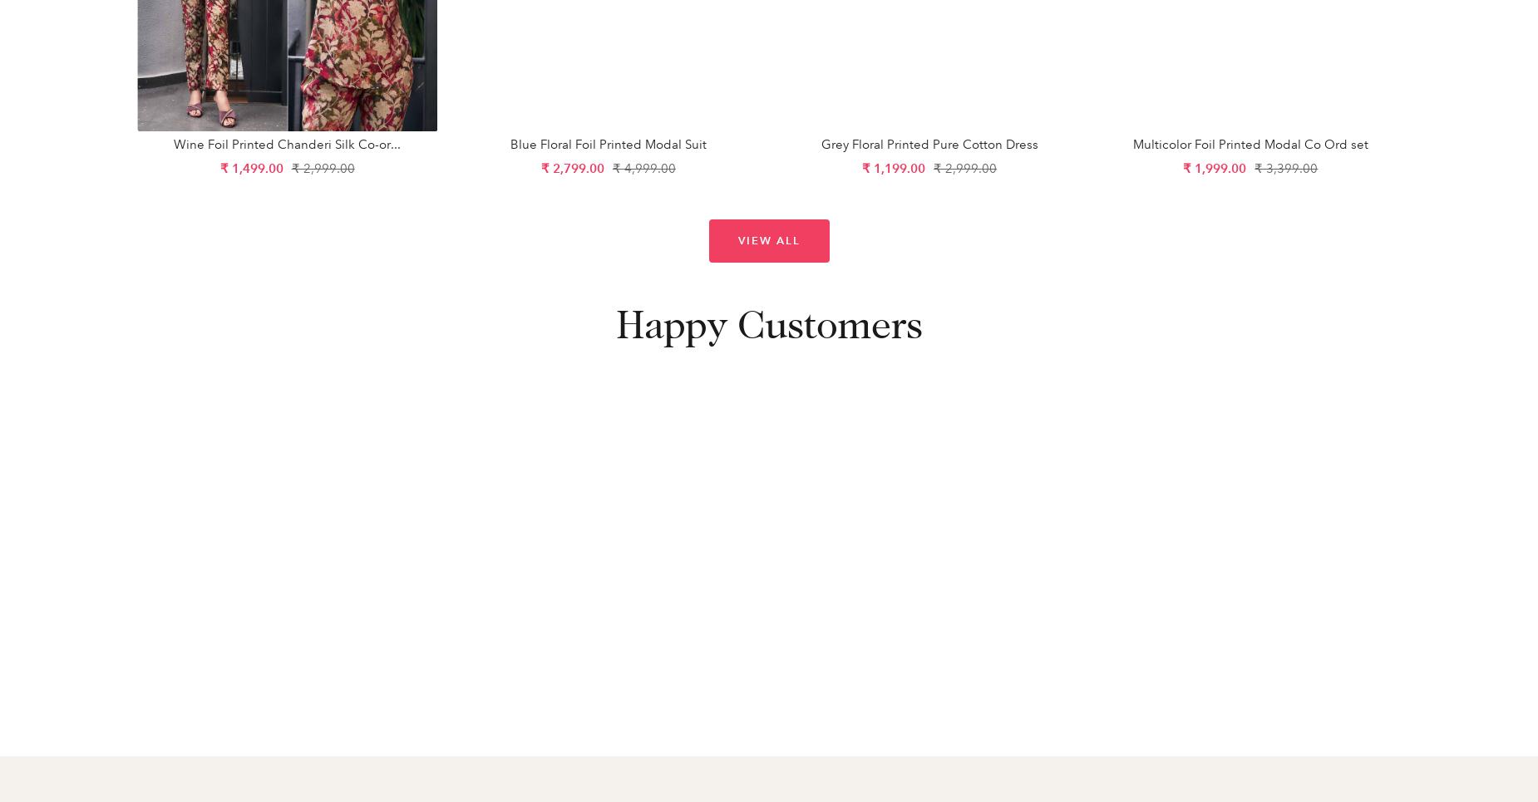 The width and height of the screenshot is (1538, 802). Describe the element at coordinates (286, 143) in the screenshot. I see `'Wine Foil Printed Chanderi Silk Co-or...'` at that location.